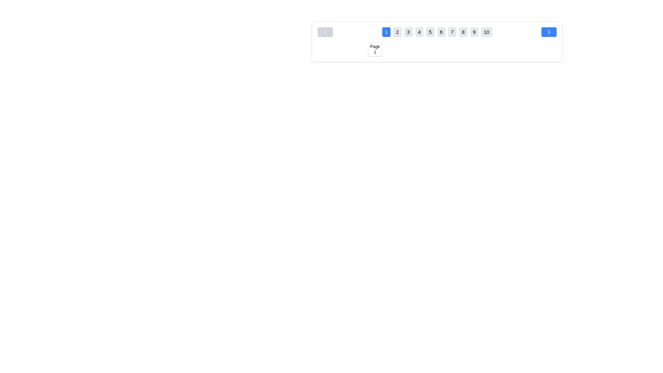 The width and height of the screenshot is (663, 373). I want to click on the pagination button representing page number 6, so click(444, 49).